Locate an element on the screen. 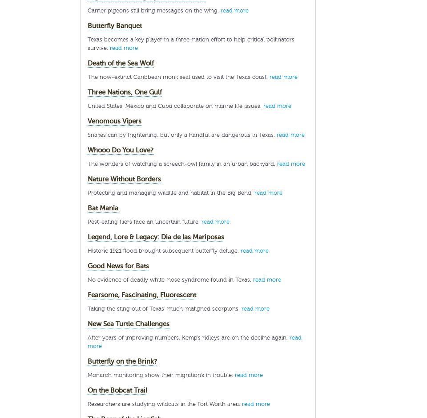 The height and width of the screenshot is (418, 427). 'Carrier pigeons still bring messages on the wing.' is located at coordinates (87, 10).